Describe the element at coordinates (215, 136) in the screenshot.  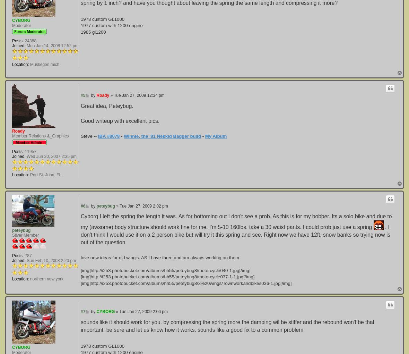
I see `'My Album'` at that location.